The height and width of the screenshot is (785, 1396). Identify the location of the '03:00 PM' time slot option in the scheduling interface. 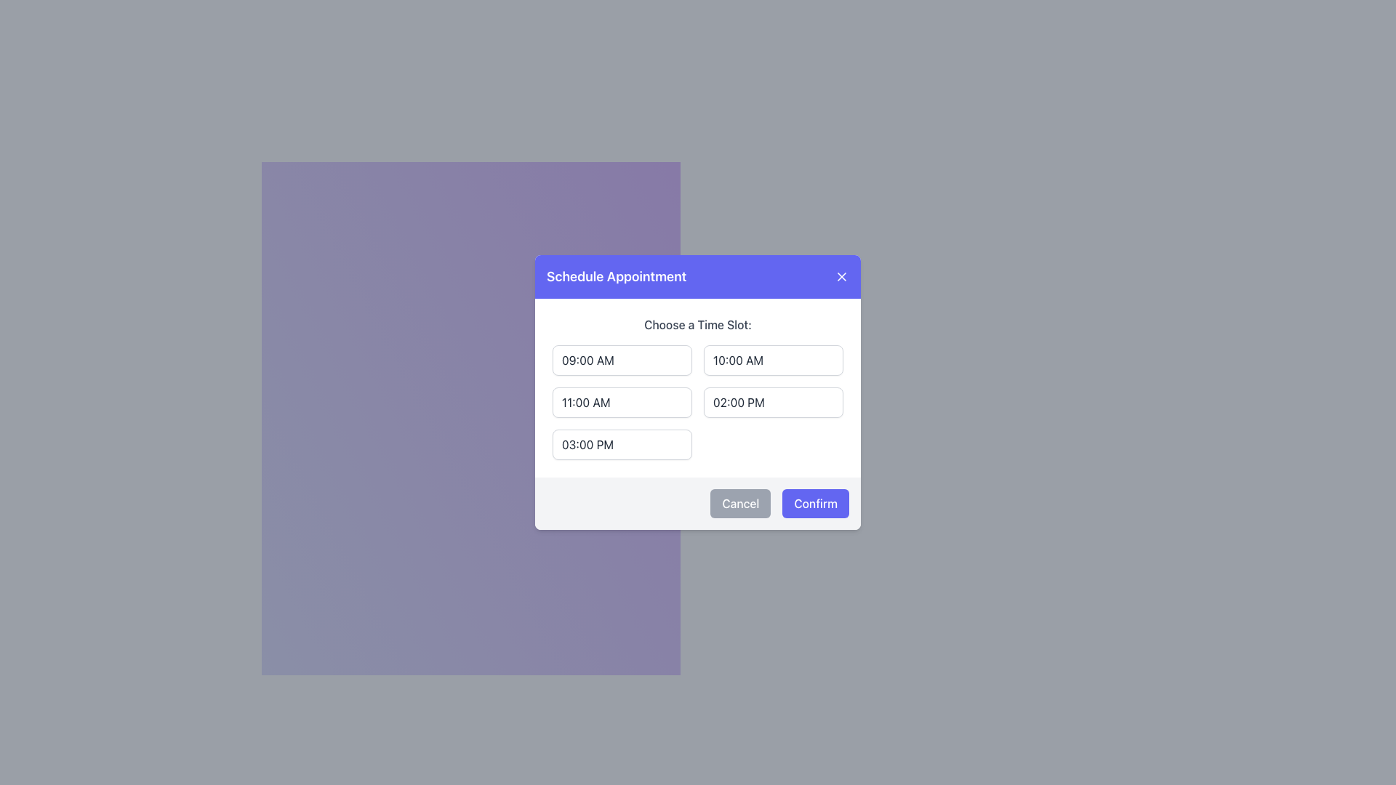
(587, 444).